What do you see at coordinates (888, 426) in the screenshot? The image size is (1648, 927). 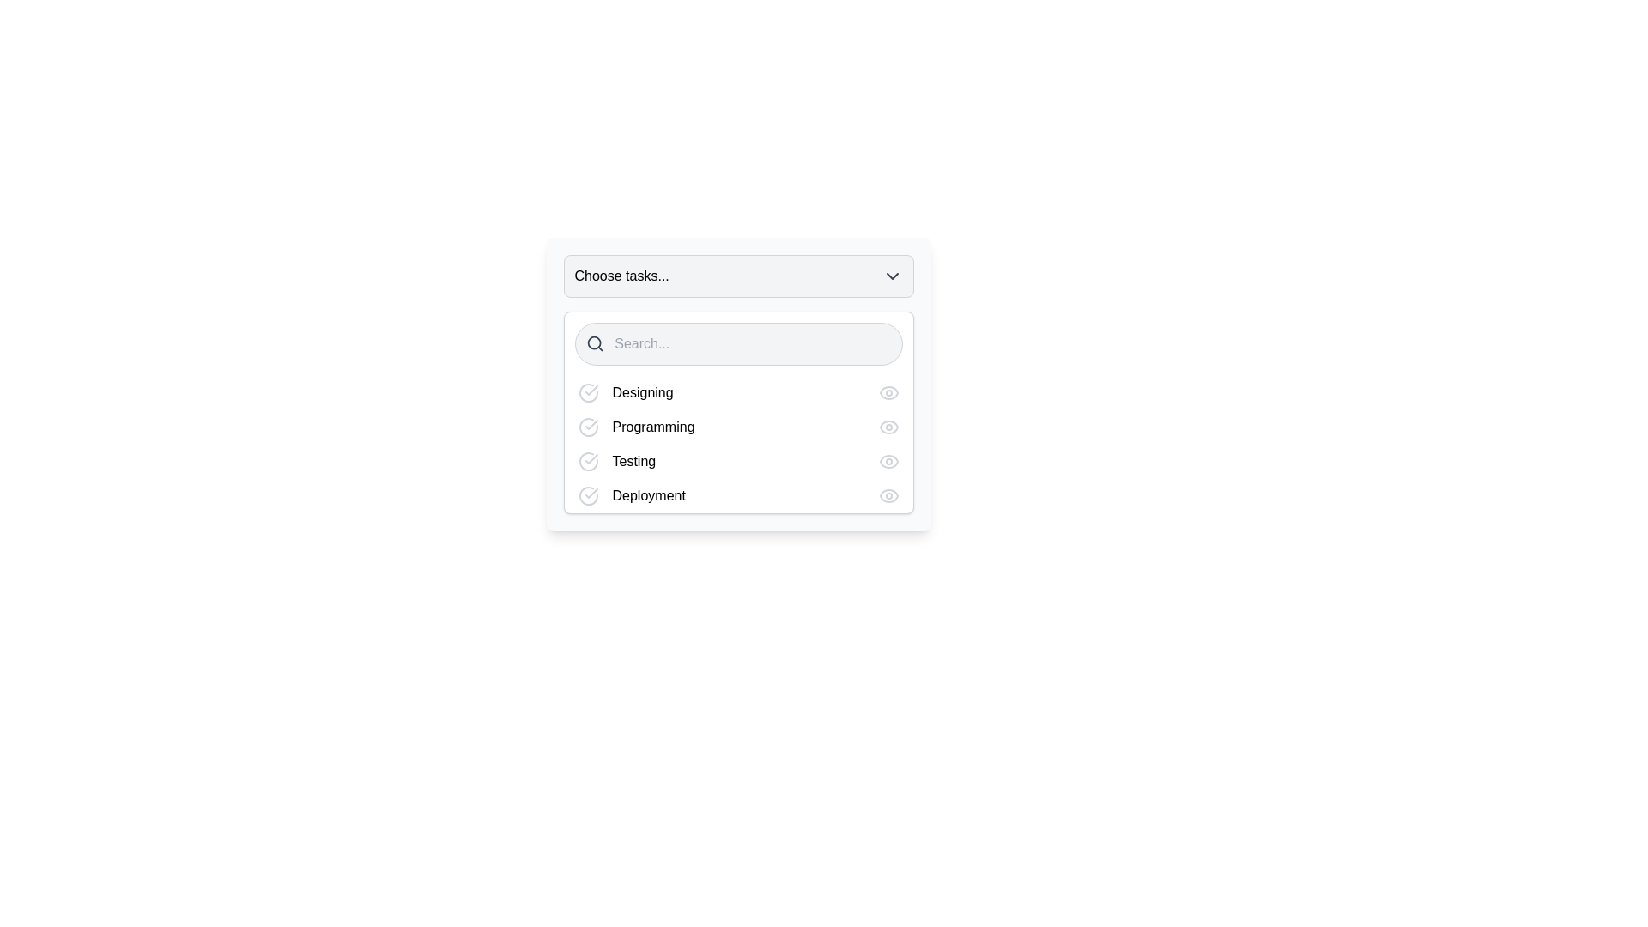 I see `the eye-shaped icon button located at the far-right of the 'Programming' entry` at bounding box center [888, 426].